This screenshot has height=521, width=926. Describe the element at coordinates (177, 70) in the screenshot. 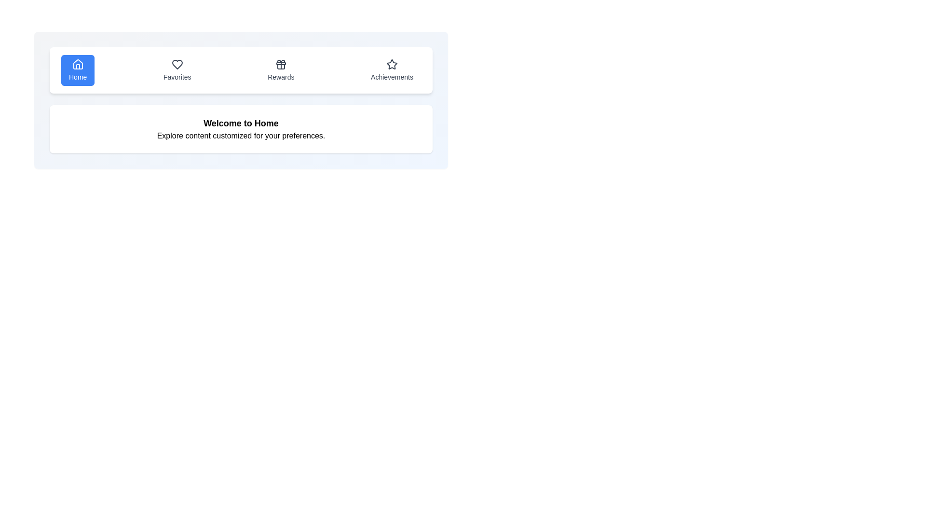

I see `the navigation button located horizontally in the center of the navigation bar, positioned after the 'Home' button and before the 'Rewards' button` at that location.